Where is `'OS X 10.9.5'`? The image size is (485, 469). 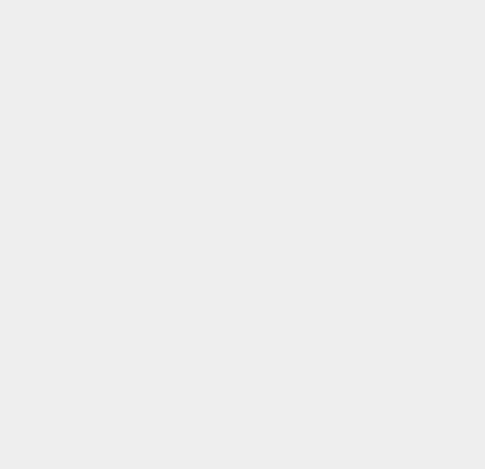
'OS X 10.9.5' is located at coordinates (359, 334).